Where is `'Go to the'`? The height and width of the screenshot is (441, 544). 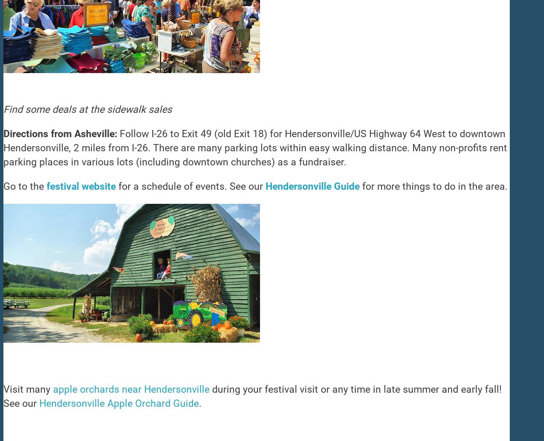 'Go to the' is located at coordinates (25, 186).